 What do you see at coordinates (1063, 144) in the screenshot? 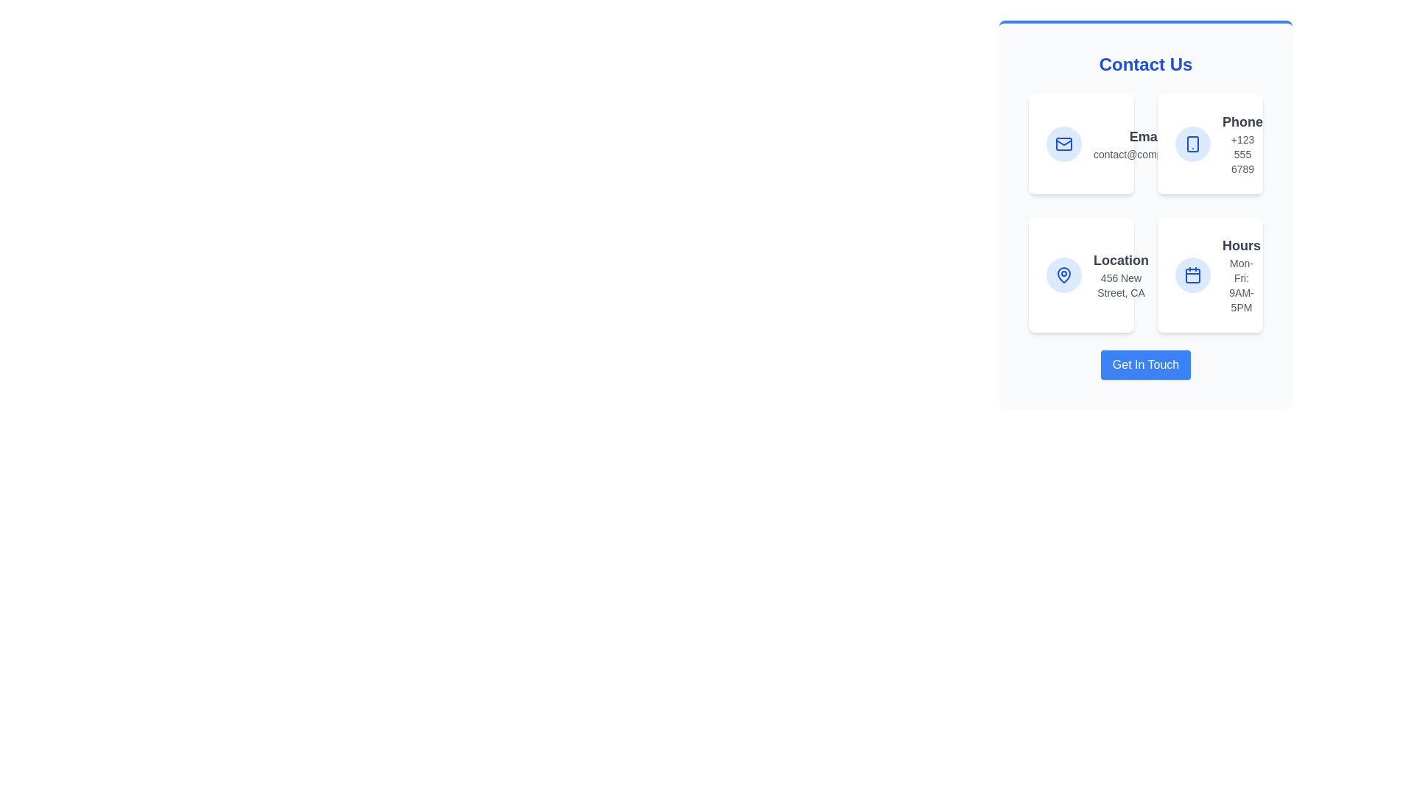
I see `the email contact icon located in the top-left part of the 'Contact Us' section, next to the text 'Email contact@company.com'` at bounding box center [1063, 144].